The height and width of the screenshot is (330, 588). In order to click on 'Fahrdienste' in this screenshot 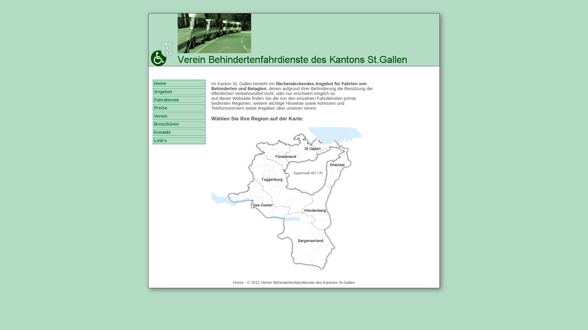, I will do `click(179, 100)`.